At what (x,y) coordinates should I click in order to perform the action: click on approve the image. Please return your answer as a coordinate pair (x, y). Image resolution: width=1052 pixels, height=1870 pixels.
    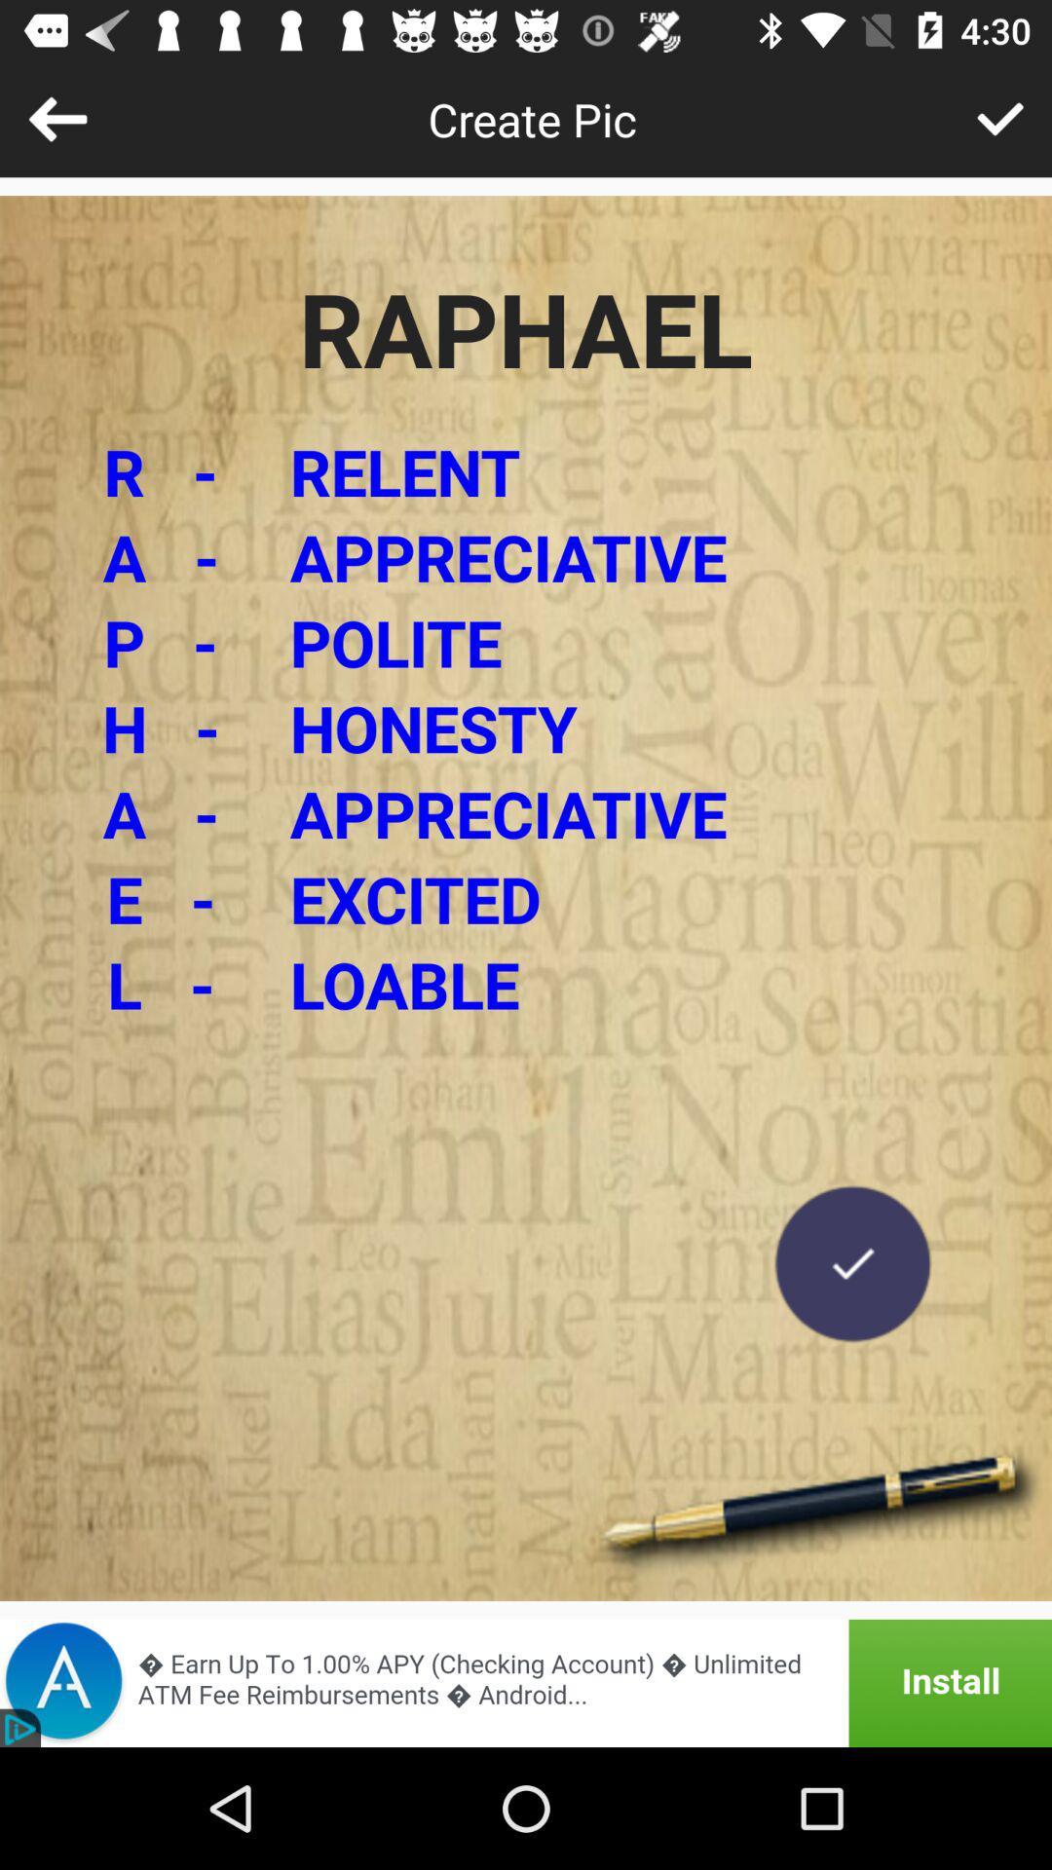
    Looking at the image, I should click on (1000, 118).